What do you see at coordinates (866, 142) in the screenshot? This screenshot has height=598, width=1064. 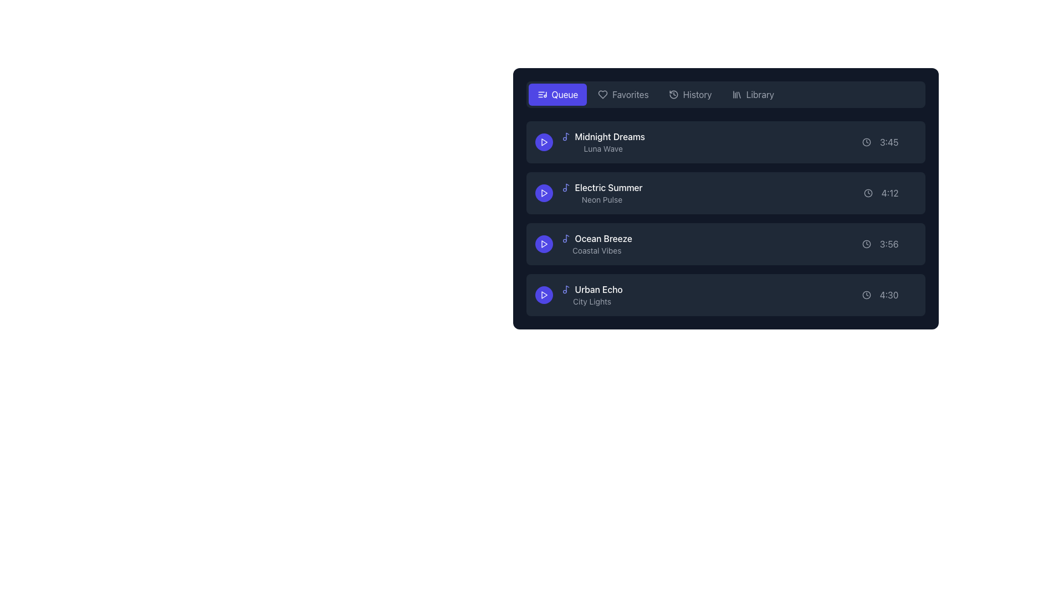 I see `the circular outline of the clock icon, which is part of the SVG group representing a clock, located near the top-right corner of the song entry` at bounding box center [866, 142].